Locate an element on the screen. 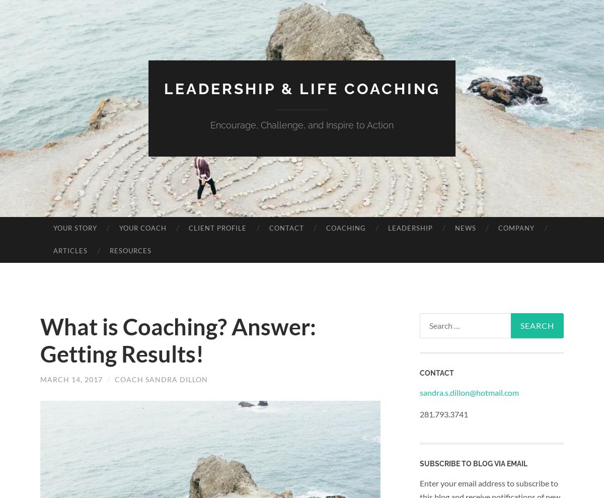  'What is Coaching? Answer: Getting Results!' is located at coordinates (178, 339).